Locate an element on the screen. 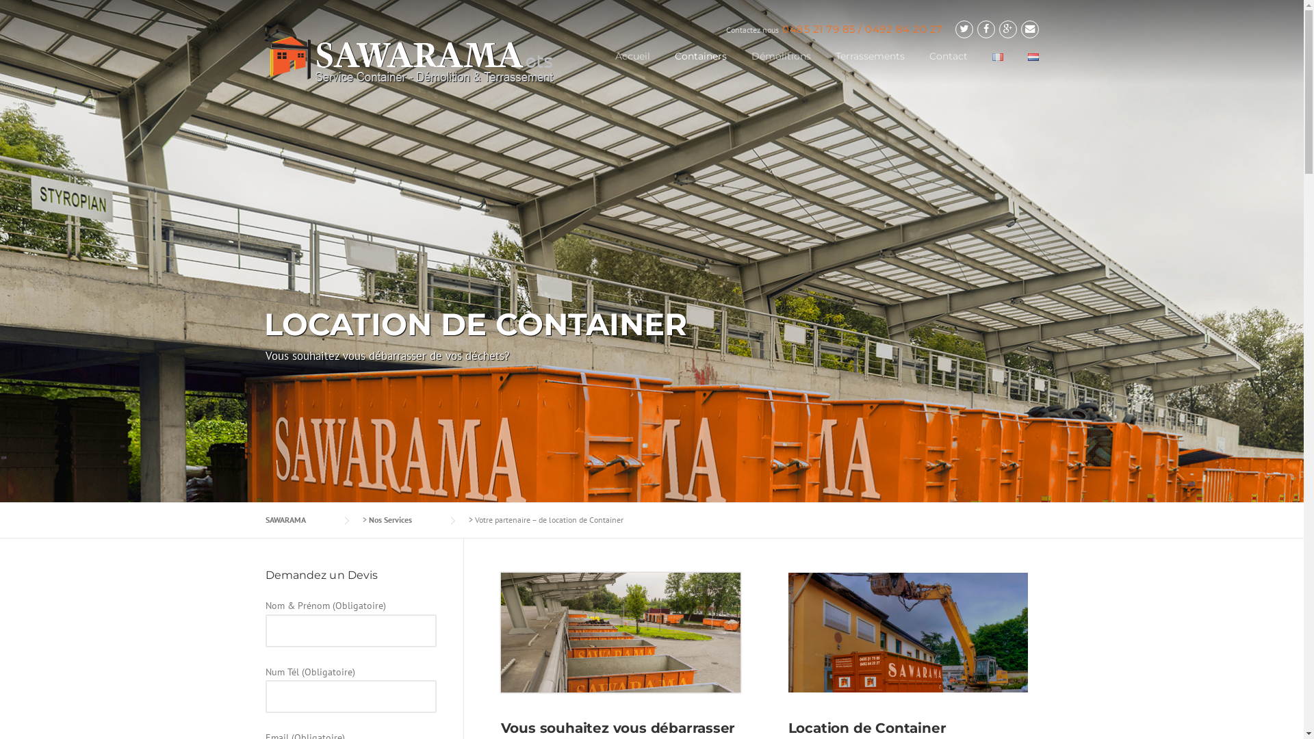  'Containers' is located at coordinates (700, 66).